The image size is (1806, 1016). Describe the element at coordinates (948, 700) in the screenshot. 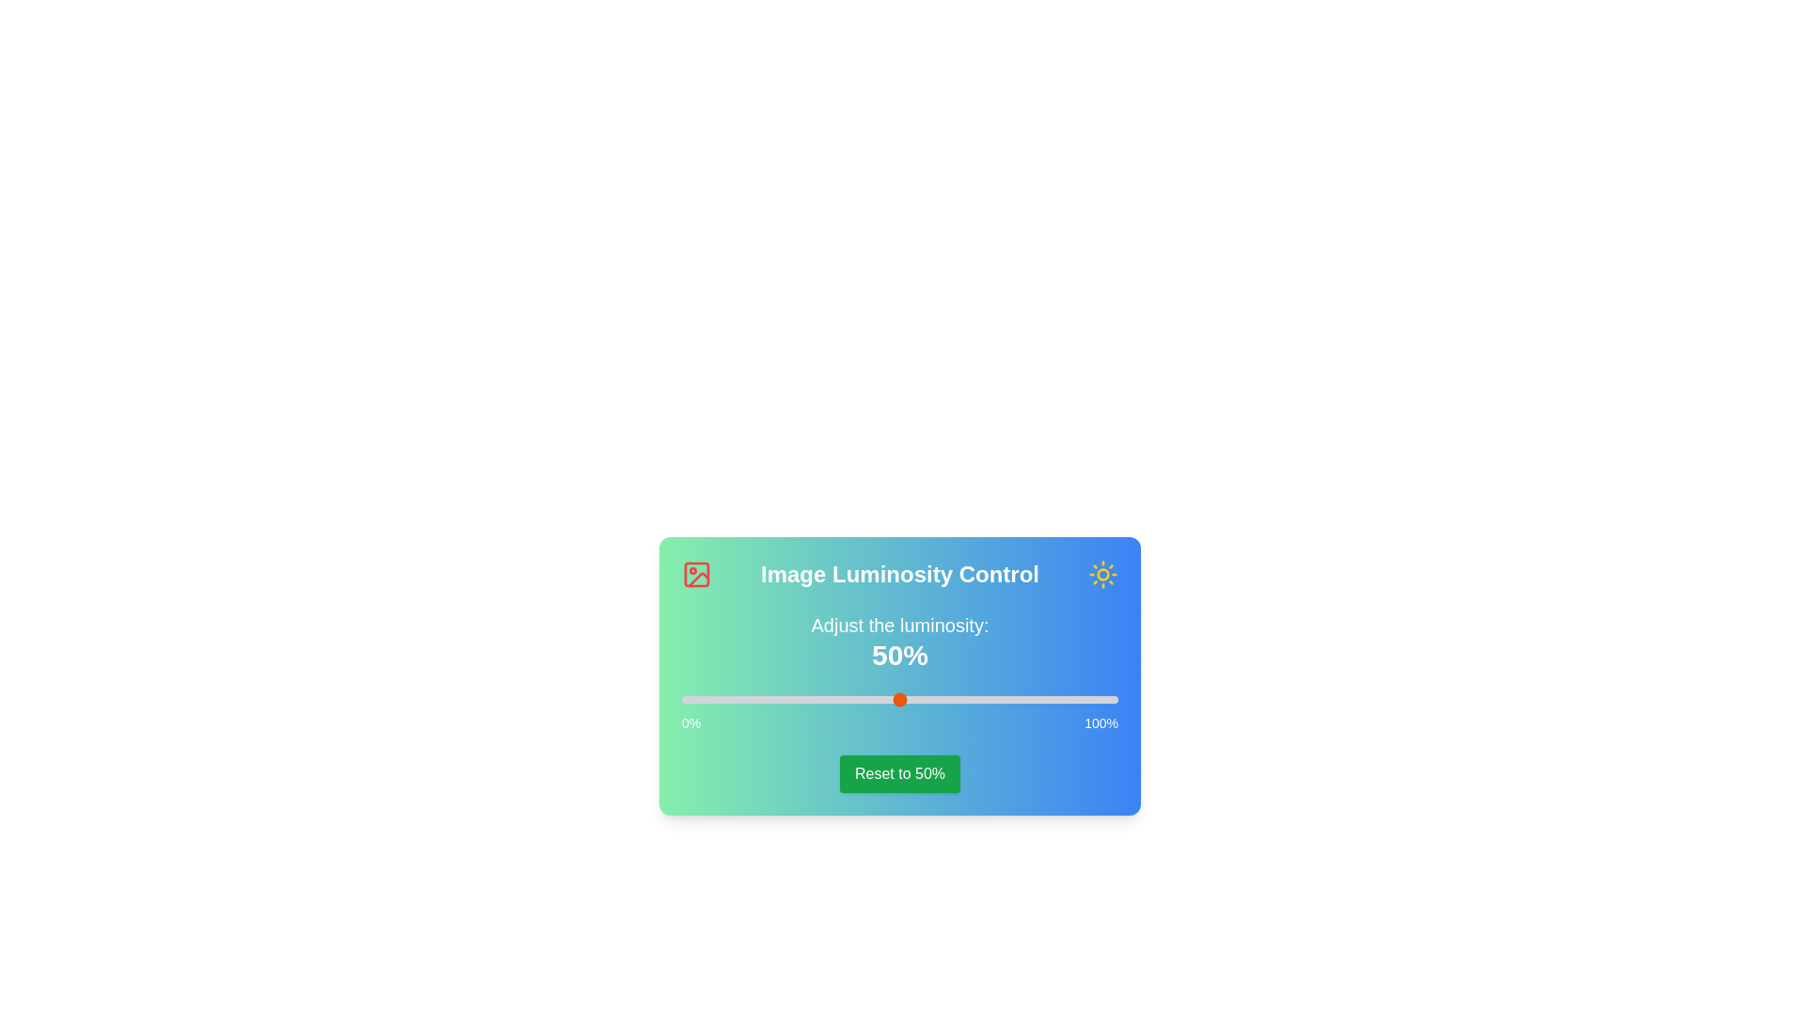

I see `the luminosity slider to 61%` at that location.